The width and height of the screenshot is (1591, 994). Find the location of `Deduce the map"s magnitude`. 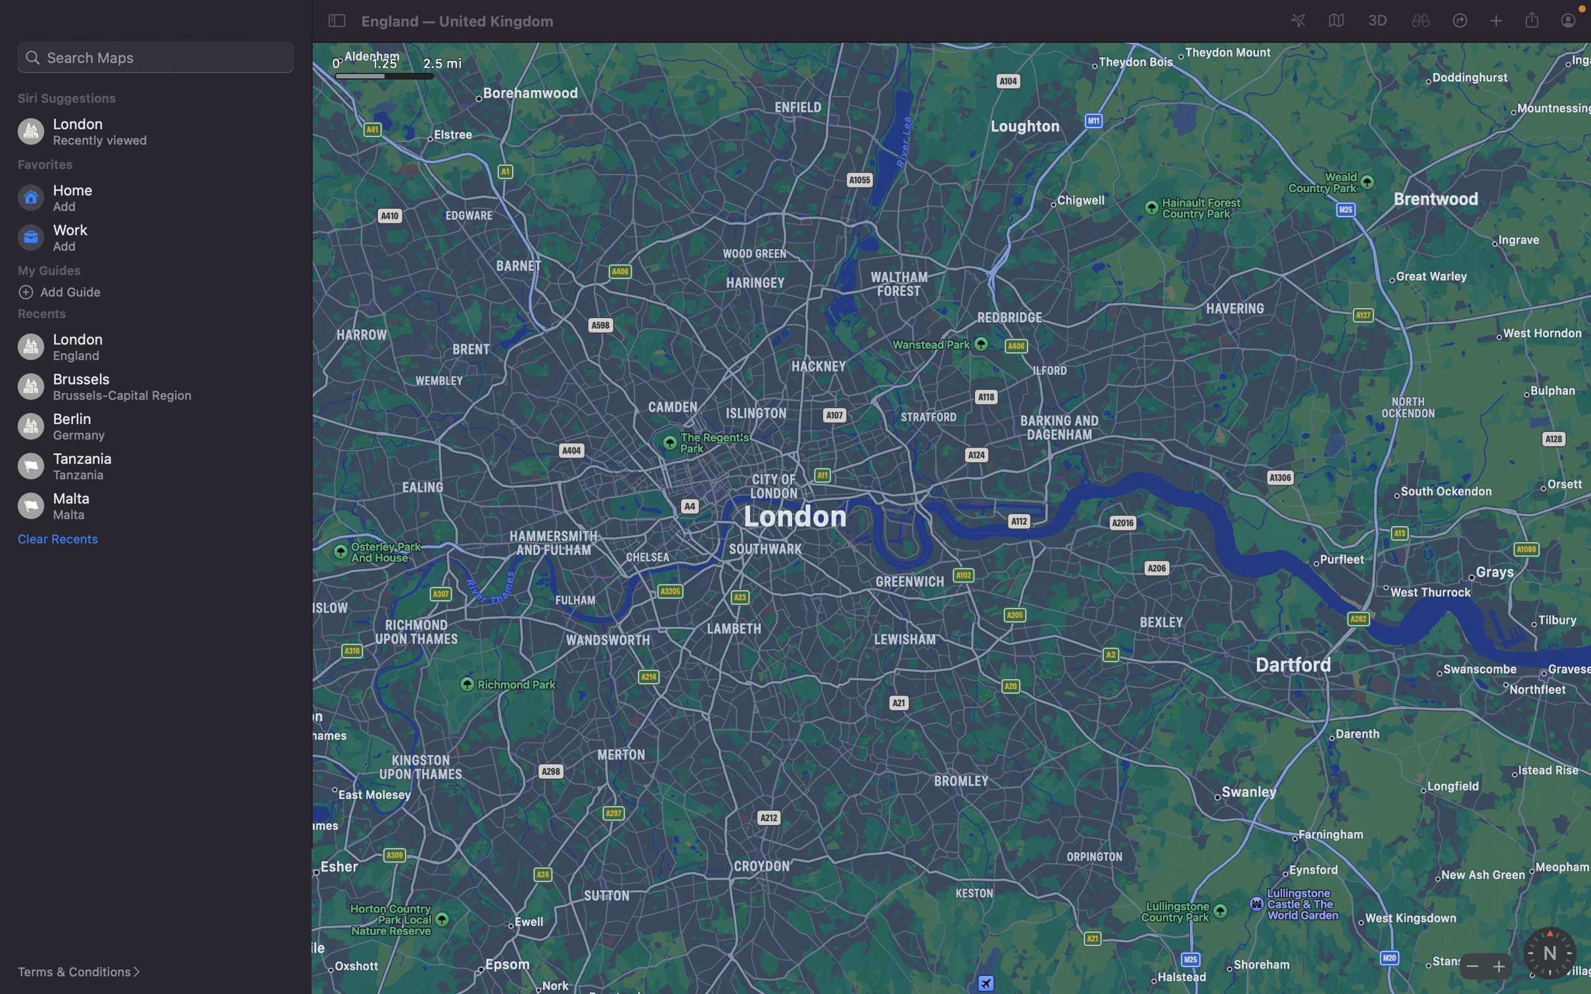

Deduce the map"s magnitude is located at coordinates (1471, 965).